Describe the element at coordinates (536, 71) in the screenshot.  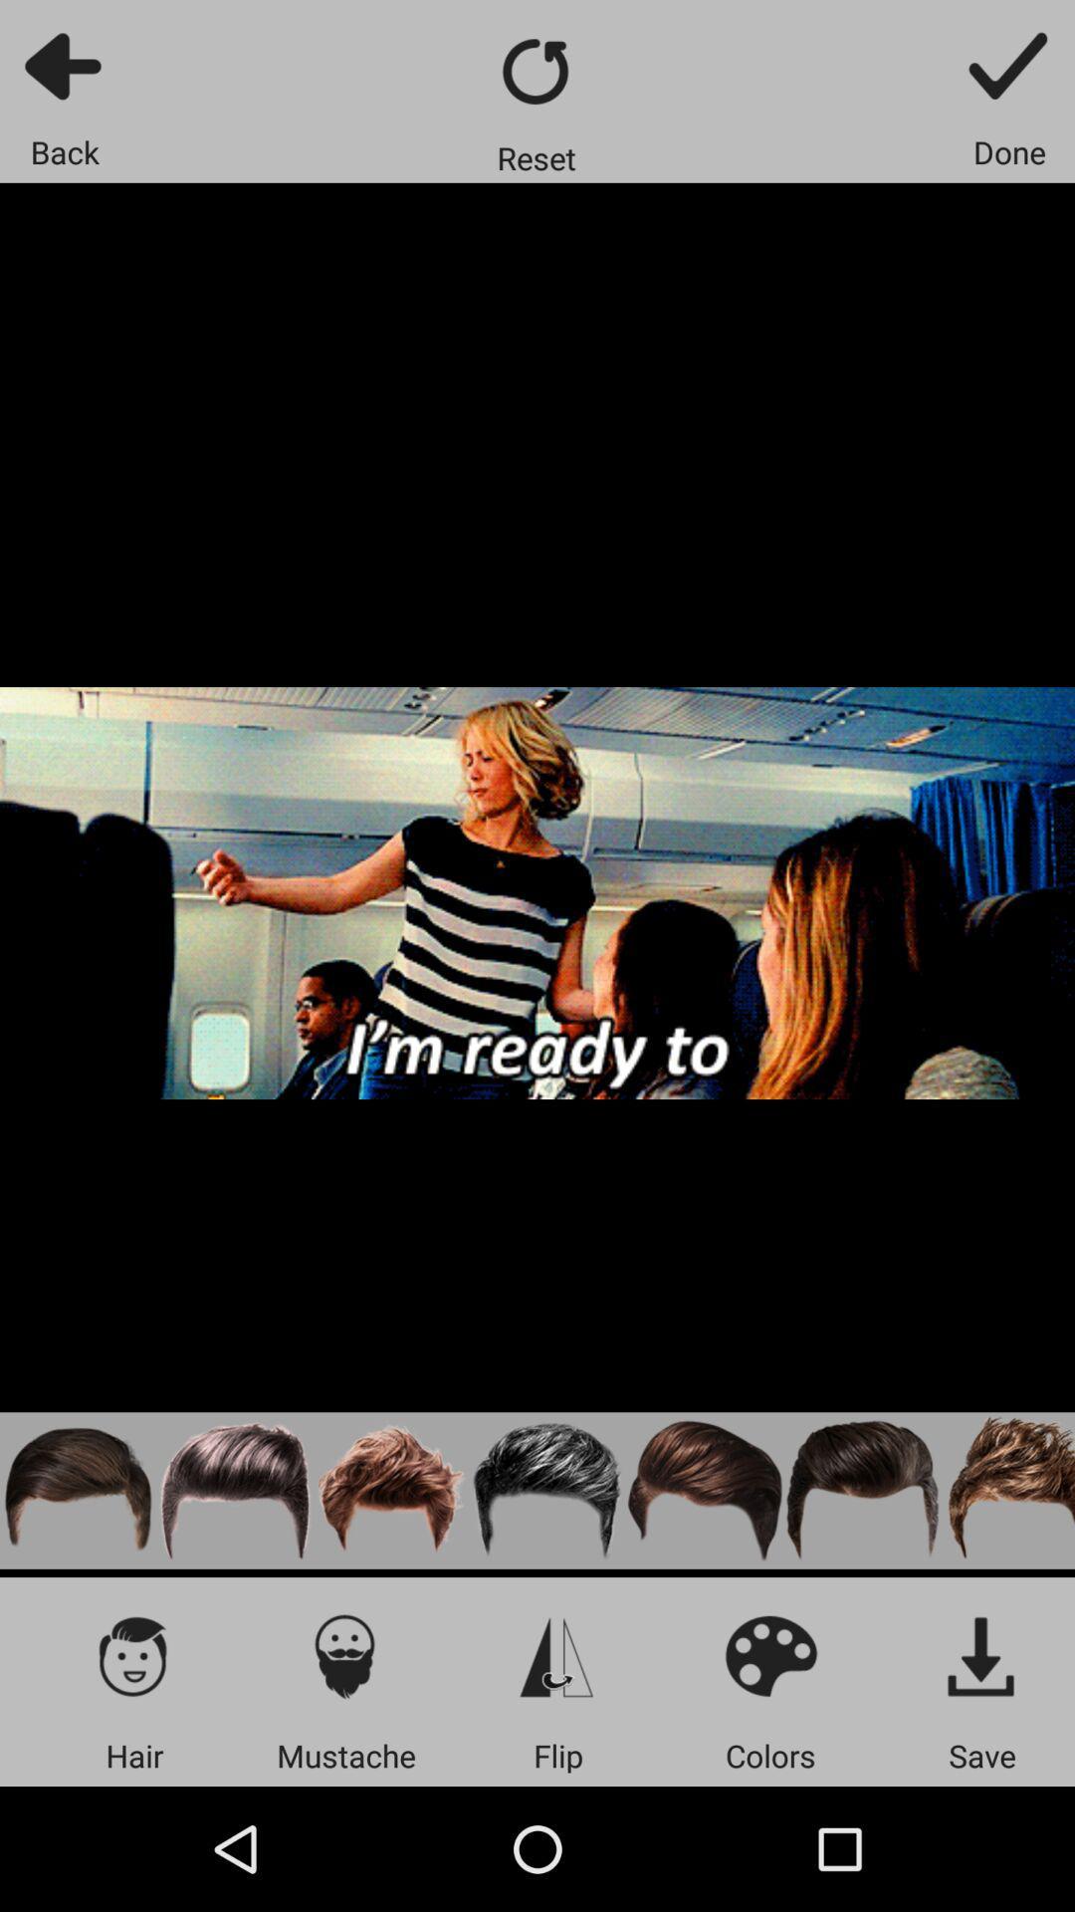
I see `the refresh icon` at that location.